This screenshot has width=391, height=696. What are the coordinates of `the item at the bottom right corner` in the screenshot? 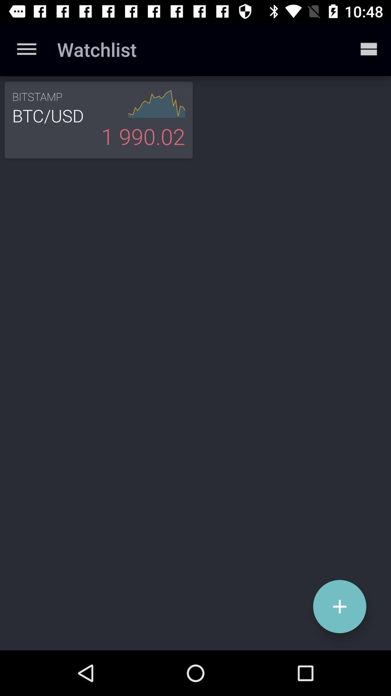 It's located at (340, 606).